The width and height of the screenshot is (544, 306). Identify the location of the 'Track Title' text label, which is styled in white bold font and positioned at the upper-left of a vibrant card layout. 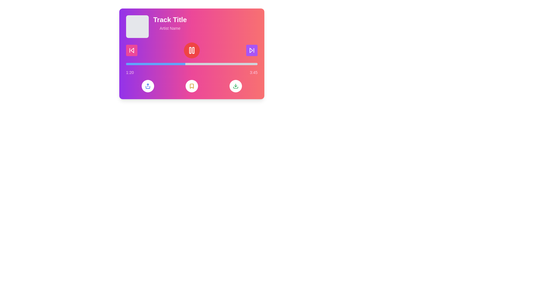
(170, 19).